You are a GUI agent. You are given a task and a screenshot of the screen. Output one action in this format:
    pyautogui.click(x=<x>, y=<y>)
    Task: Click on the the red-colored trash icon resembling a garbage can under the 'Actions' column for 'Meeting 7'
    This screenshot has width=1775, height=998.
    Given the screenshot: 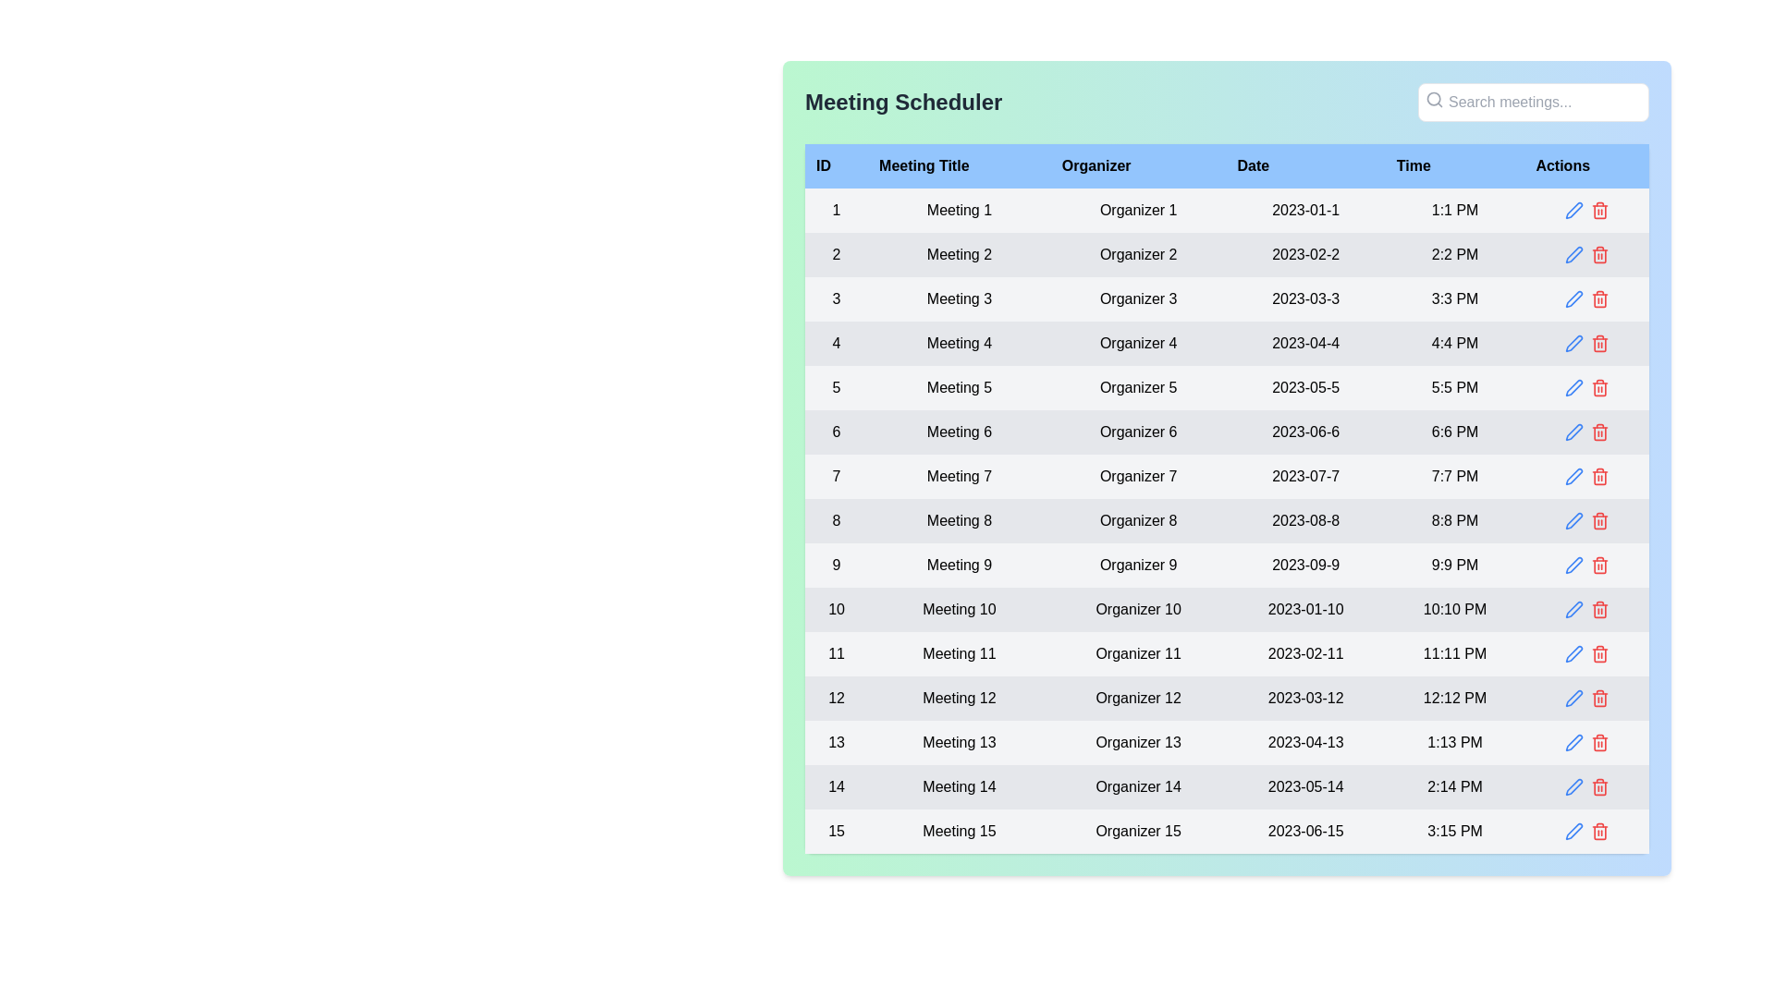 What is the action you would take?
    pyautogui.click(x=1597, y=476)
    